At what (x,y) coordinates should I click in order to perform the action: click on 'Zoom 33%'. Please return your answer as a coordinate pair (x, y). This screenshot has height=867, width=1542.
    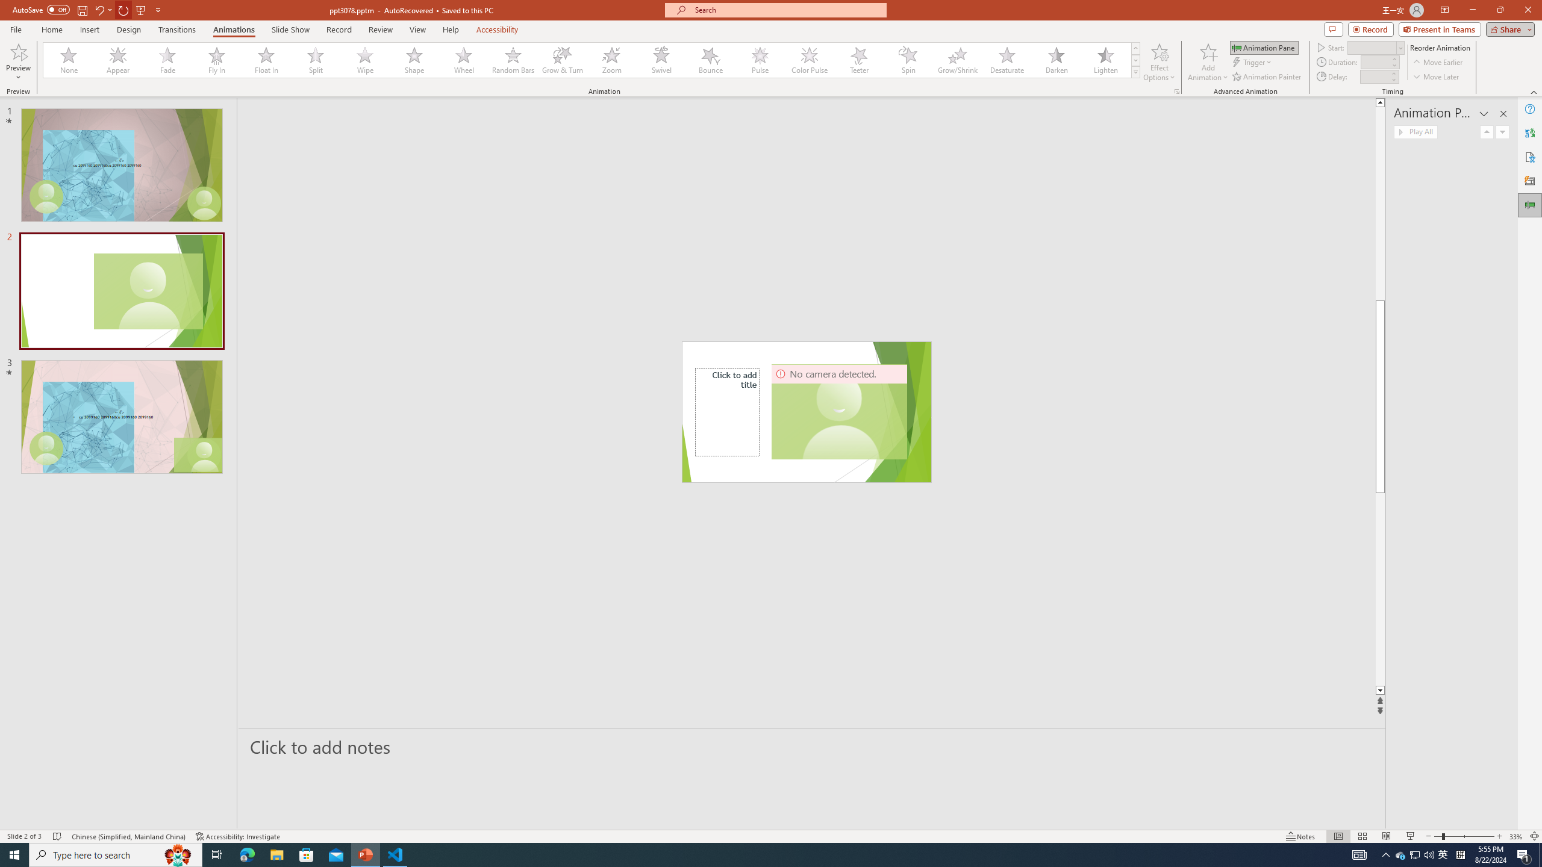
    Looking at the image, I should click on (1515, 836).